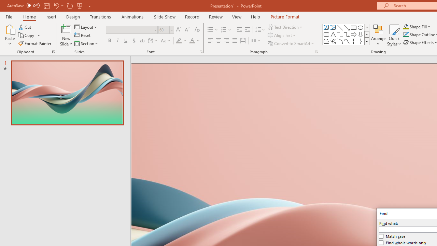  Describe the element at coordinates (178, 29) in the screenshot. I see `'Increase Font Size'` at that location.